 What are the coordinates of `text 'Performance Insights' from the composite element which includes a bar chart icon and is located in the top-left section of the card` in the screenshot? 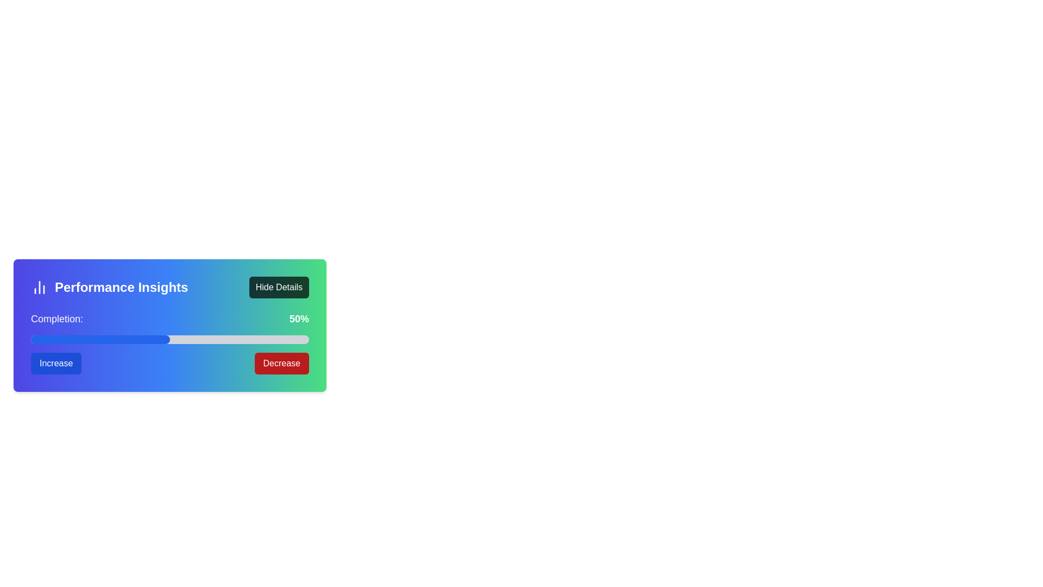 It's located at (109, 286).